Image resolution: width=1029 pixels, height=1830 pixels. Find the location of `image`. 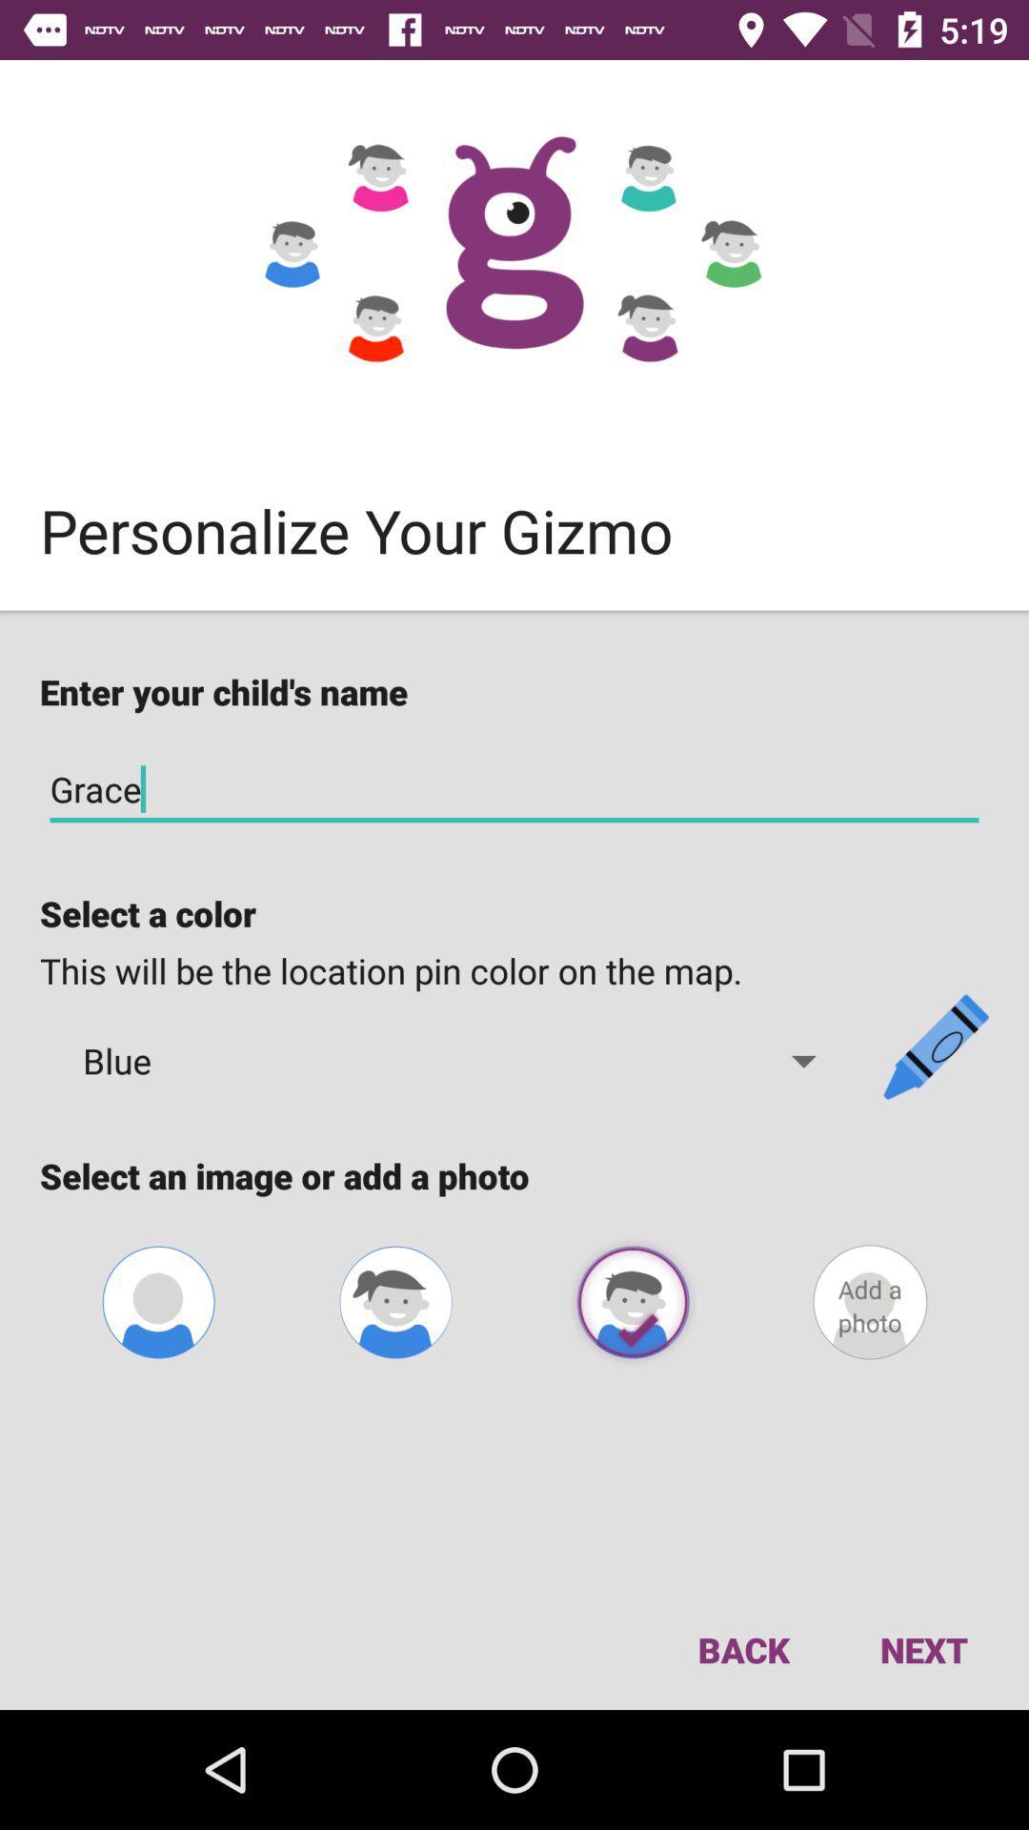

image is located at coordinates (394, 1301).